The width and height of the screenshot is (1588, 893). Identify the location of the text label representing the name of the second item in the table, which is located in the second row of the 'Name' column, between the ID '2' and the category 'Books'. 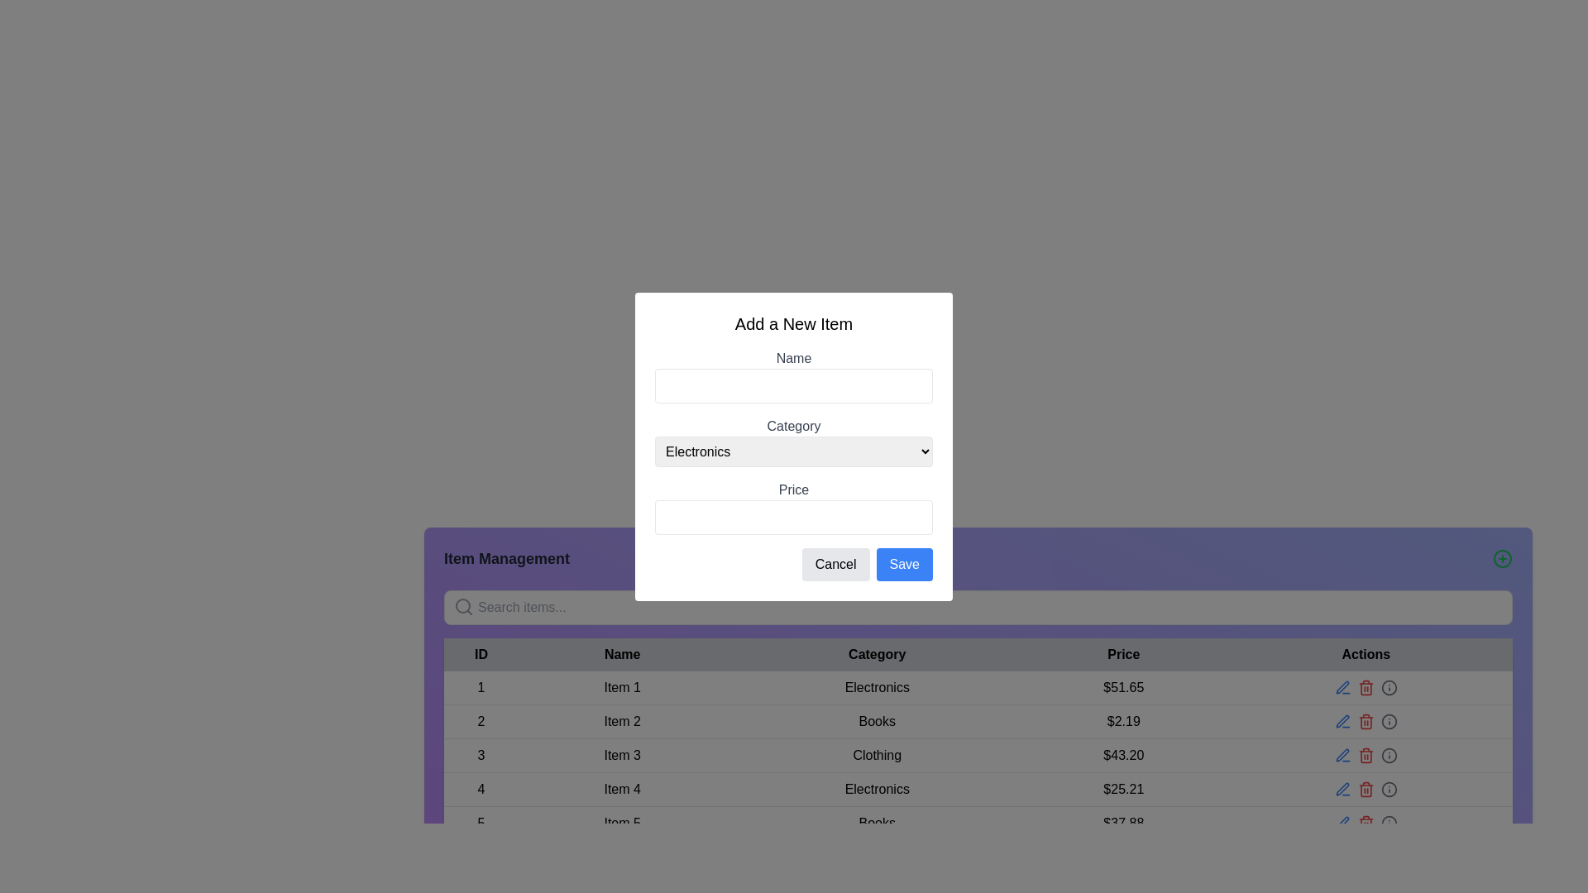
(621, 720).